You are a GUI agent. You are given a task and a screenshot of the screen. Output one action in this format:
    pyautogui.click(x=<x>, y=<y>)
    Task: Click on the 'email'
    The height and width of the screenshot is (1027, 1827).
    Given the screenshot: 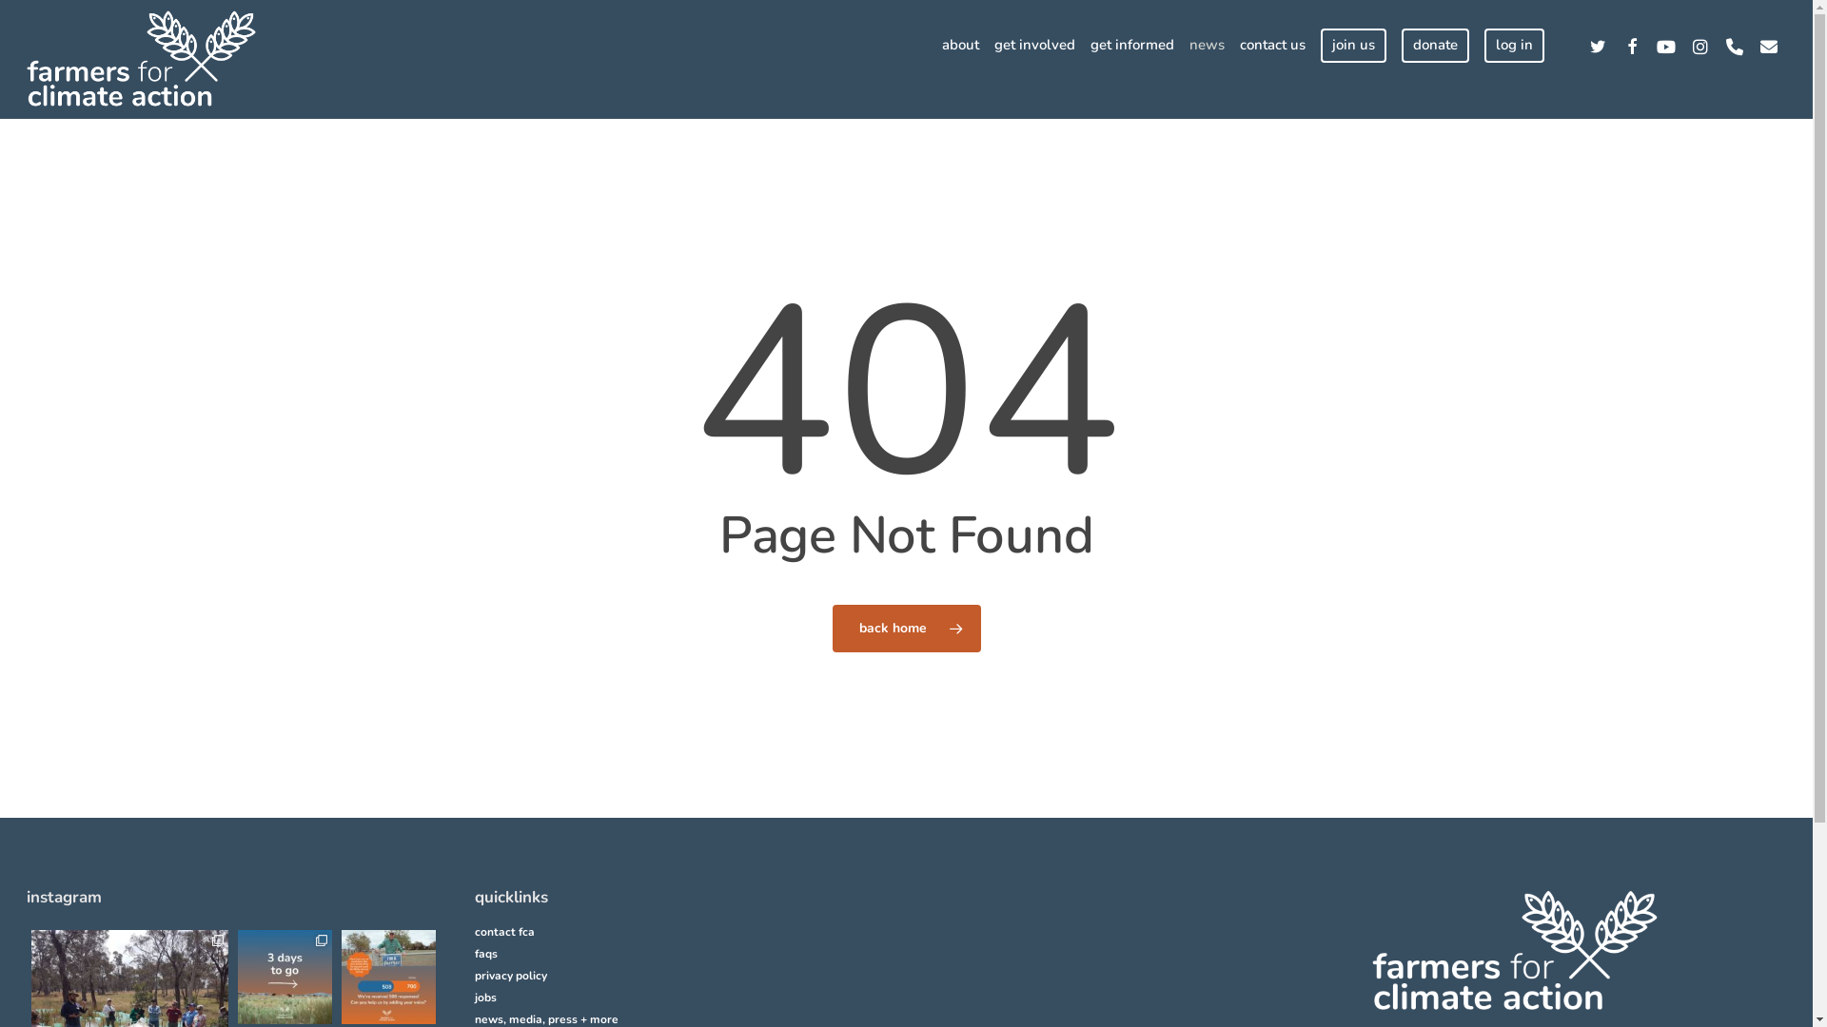 What is the action you would take?
    pyautogui.click(x=1767, y=44)
    